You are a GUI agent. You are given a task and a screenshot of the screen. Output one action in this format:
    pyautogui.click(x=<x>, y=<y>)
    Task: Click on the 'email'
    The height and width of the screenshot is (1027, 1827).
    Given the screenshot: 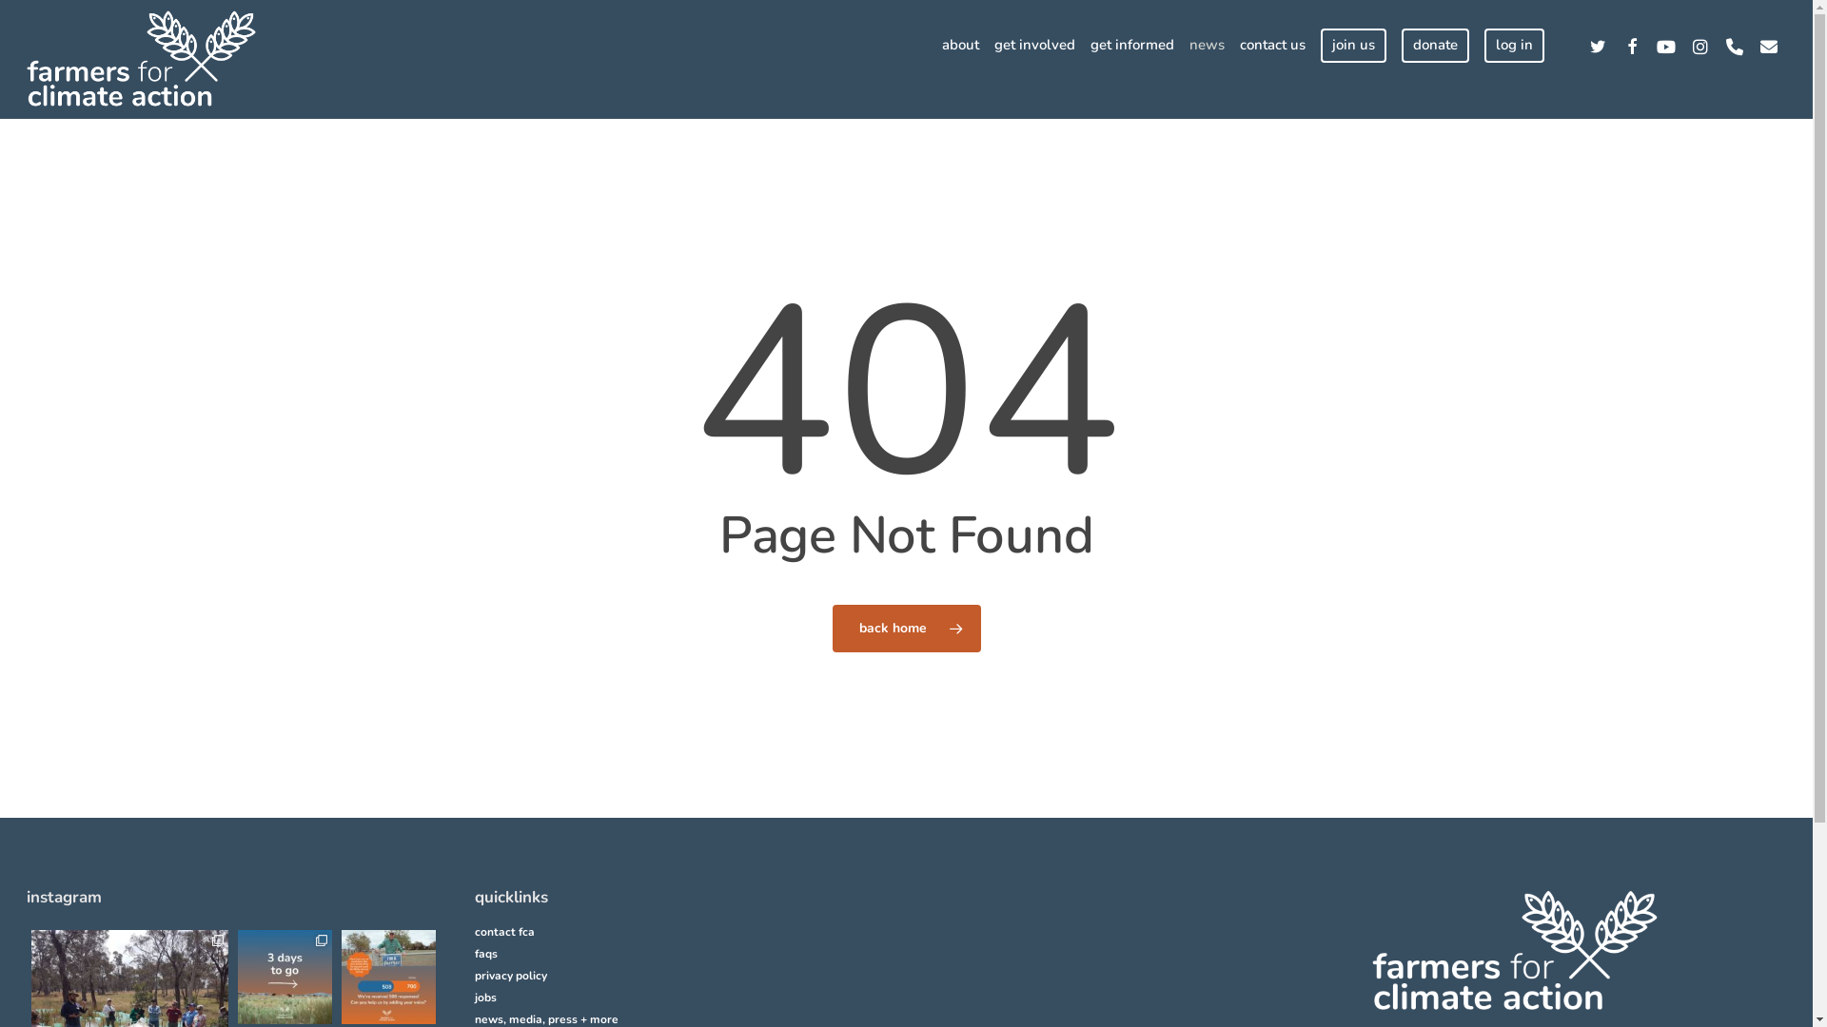 What is the action you would take?
    pyautogui.click(x=1767, y=44)
    